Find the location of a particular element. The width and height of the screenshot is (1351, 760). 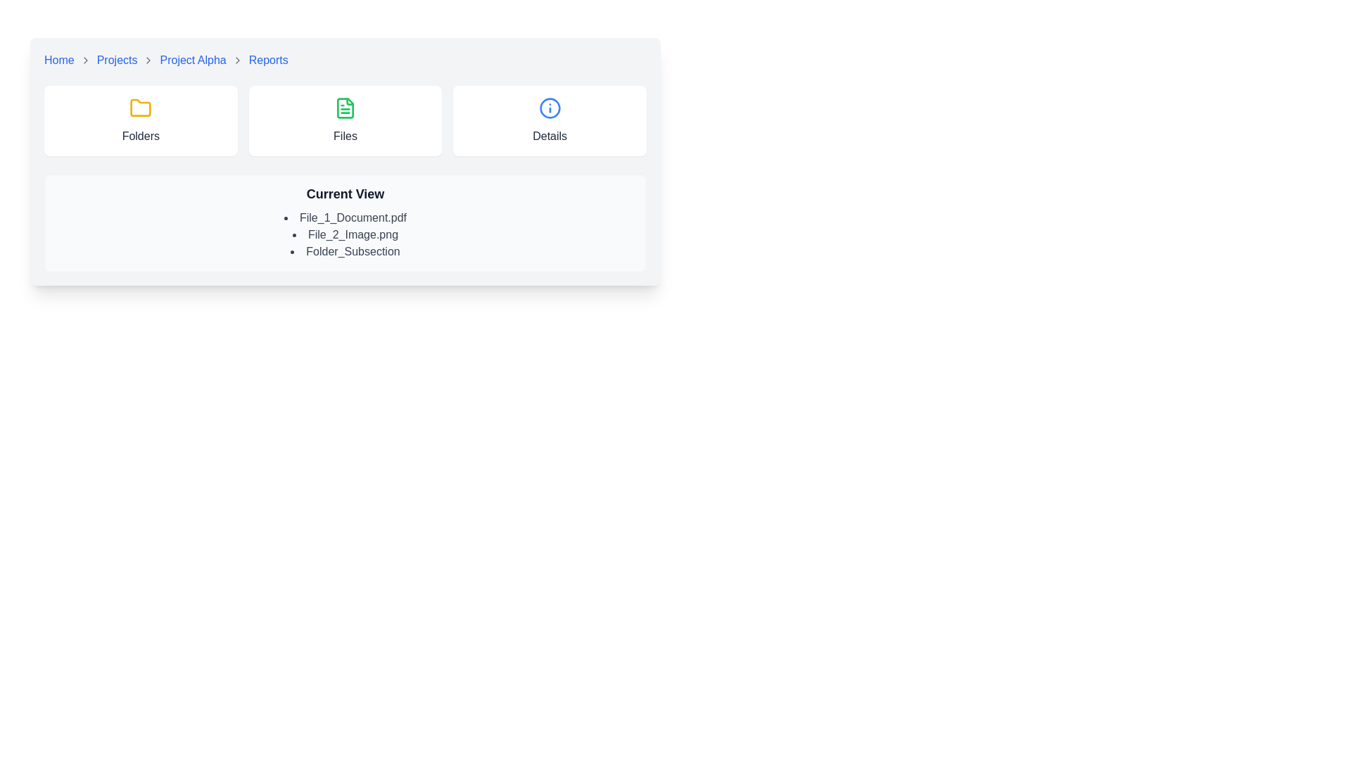

the folder icon located at the top of the 'Folders' section, which visually represents a folder and has a text label 'Folders' below it is located at coordinates (141, 108).